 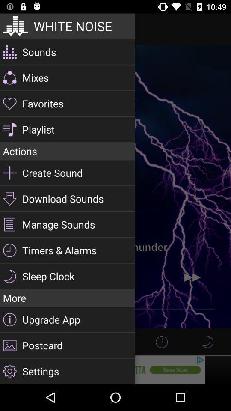 I want to click on the time icon, so click(x=162, y=342).